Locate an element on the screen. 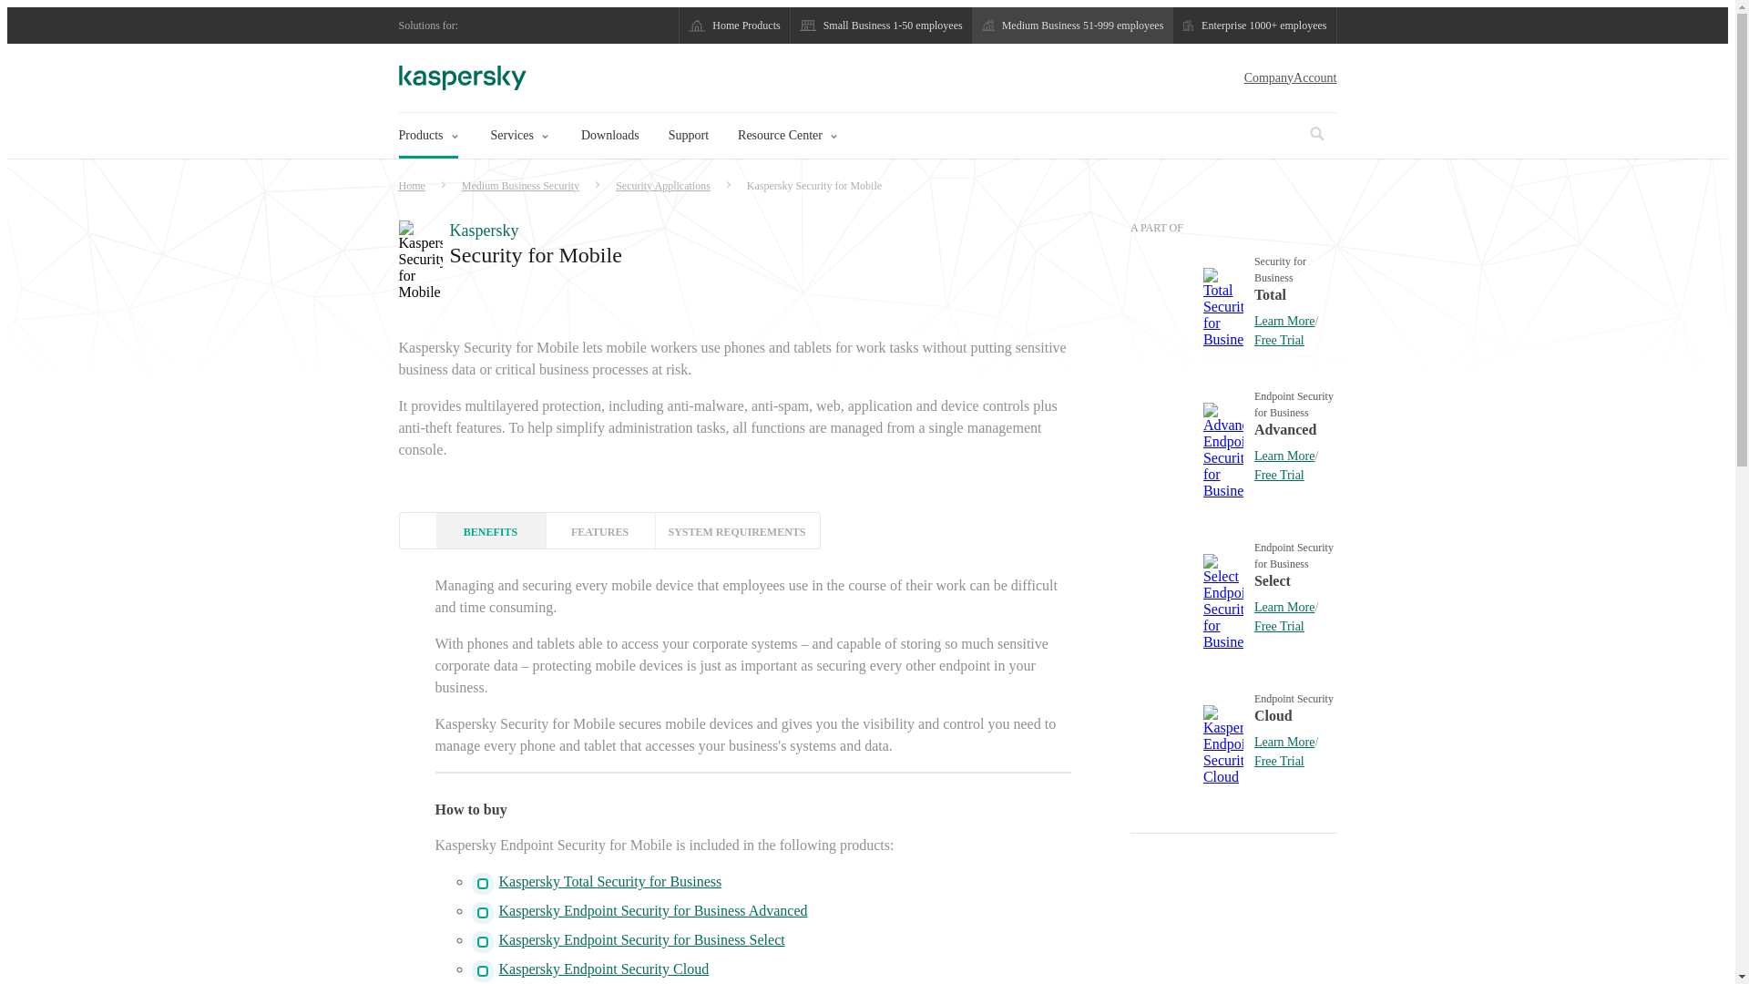  'Products' is located at coordinates (445, 135).